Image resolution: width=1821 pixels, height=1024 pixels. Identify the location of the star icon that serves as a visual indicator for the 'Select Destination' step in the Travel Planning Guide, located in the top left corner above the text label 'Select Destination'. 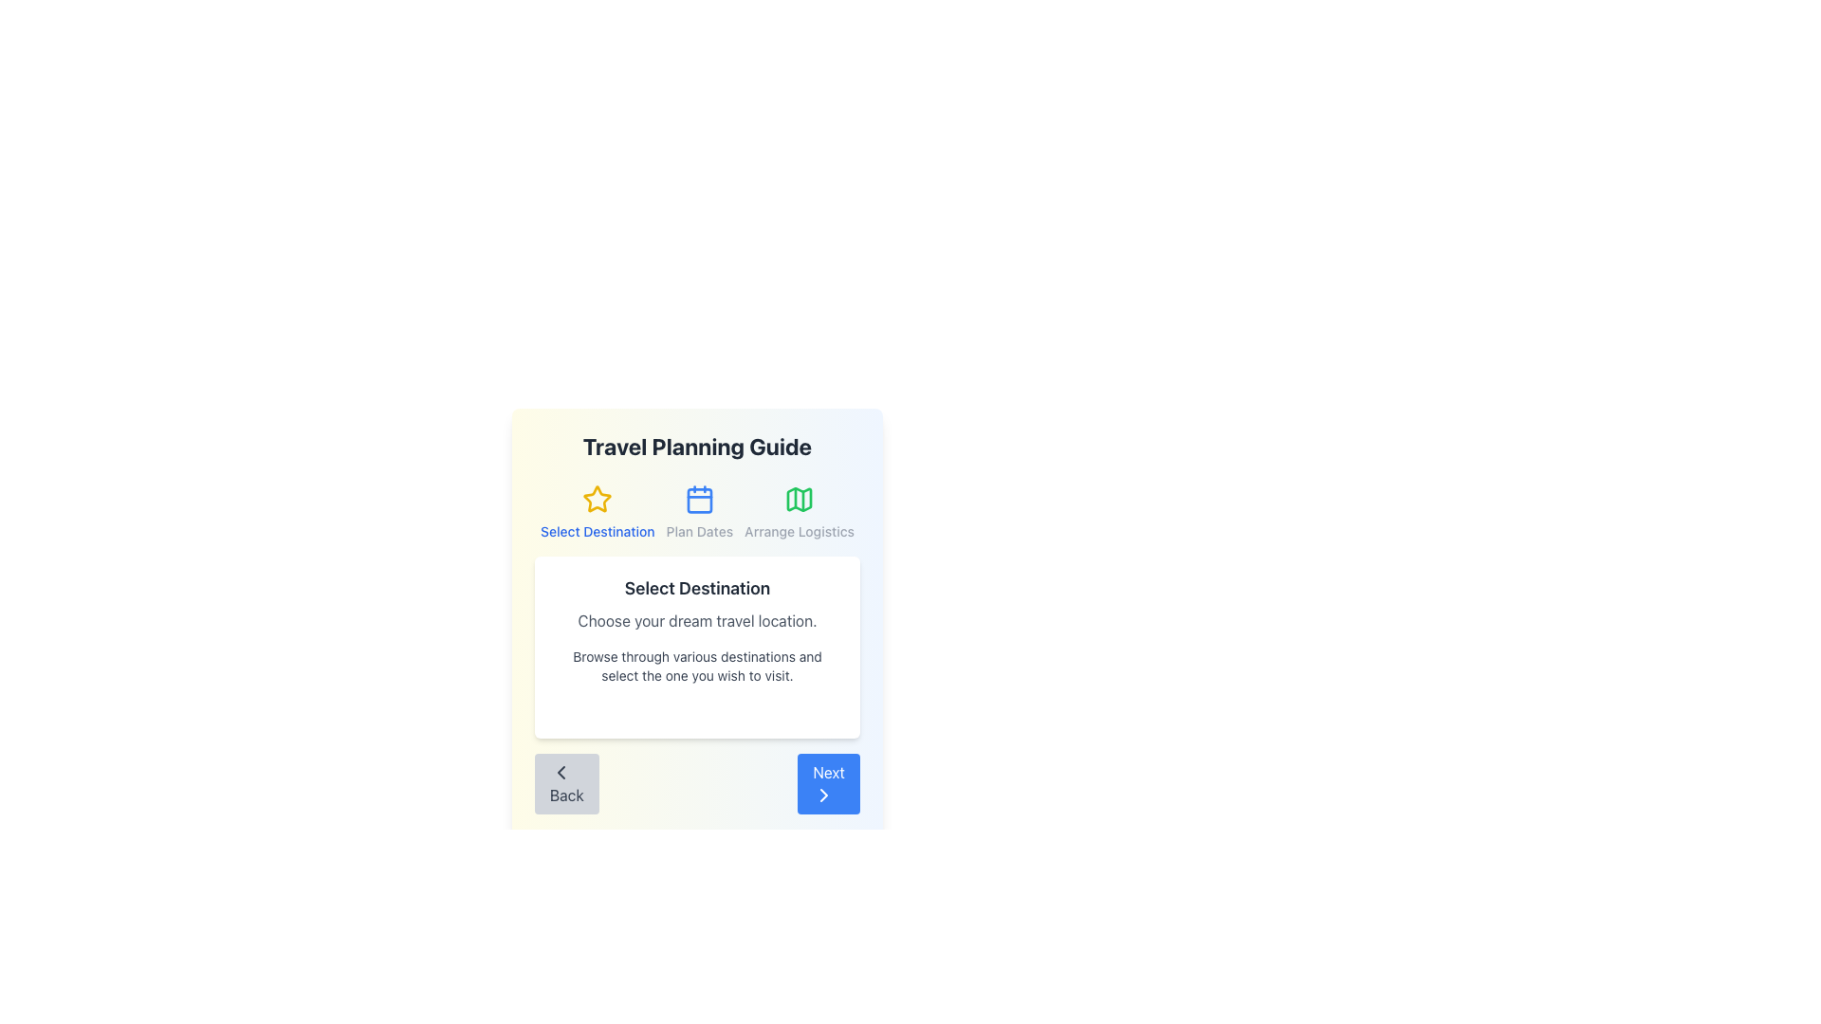
(597, 499).